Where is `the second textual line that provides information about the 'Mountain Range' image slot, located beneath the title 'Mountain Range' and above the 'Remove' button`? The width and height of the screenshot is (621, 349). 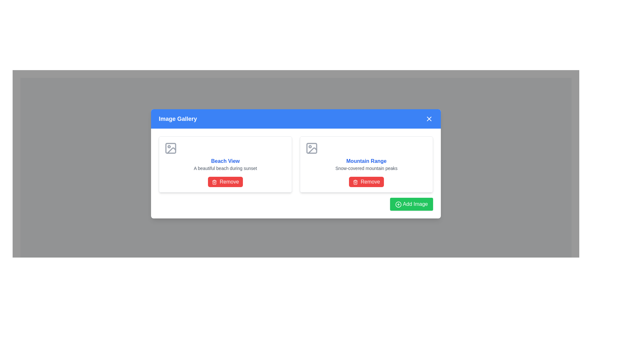
the second textual line that provides information about the 'Mountain Range' image slot, located beneath the title 'Mountain Range' and above the 'Remove' button is located at coordinates (366, 168).